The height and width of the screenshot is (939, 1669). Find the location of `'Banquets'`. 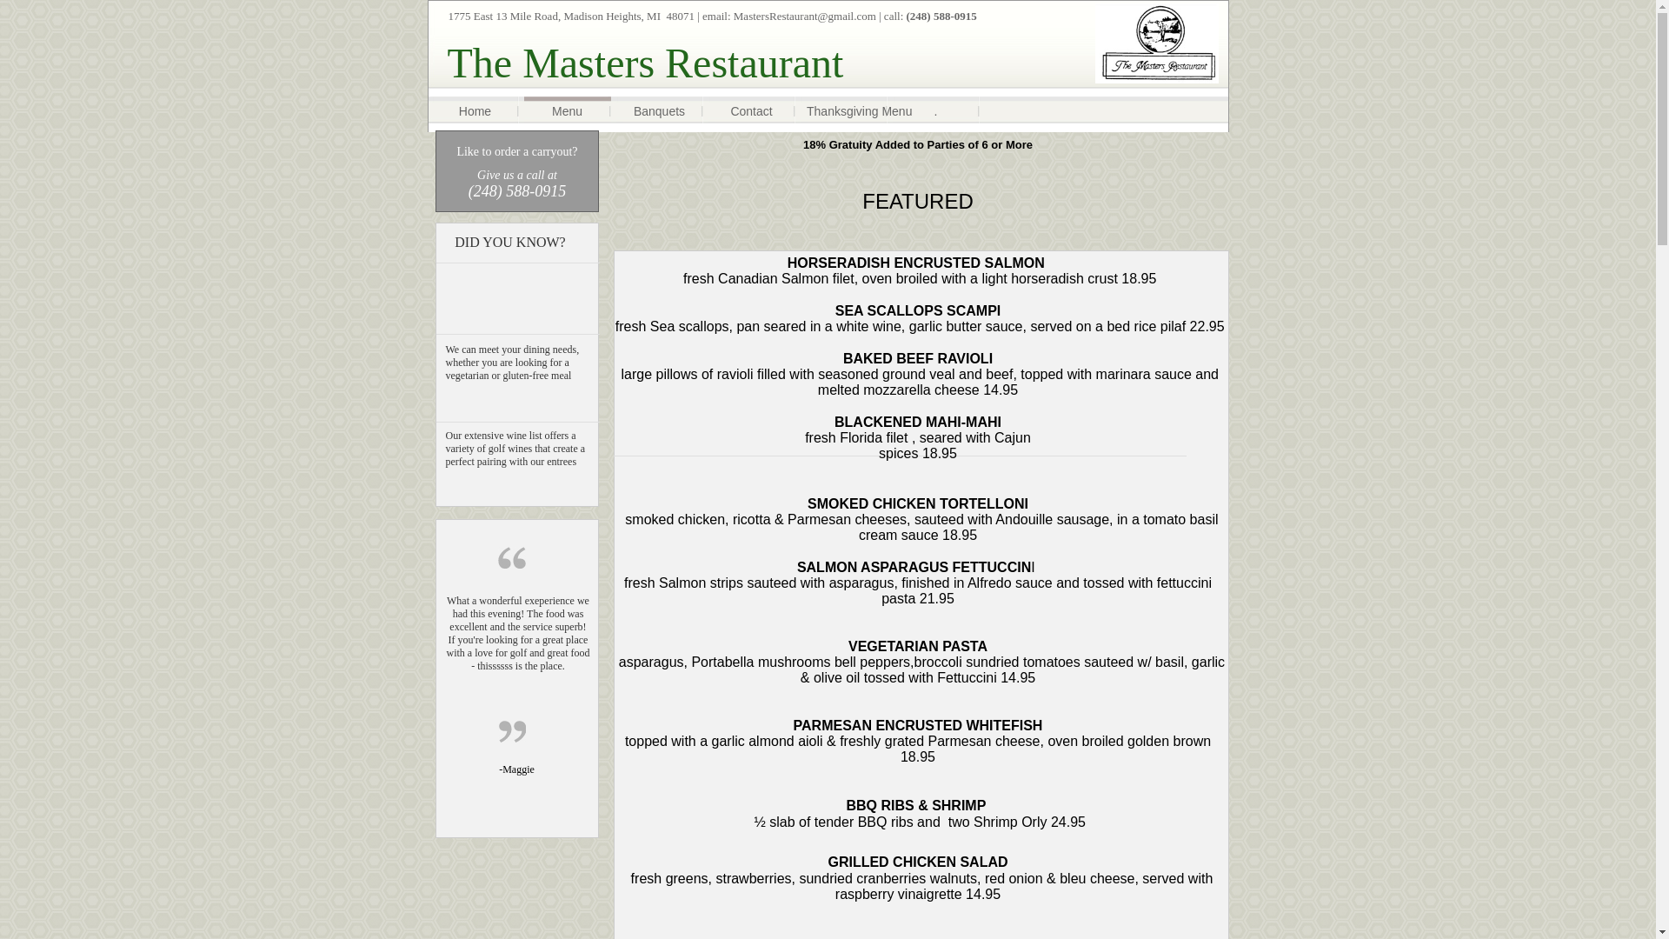

'Banquets' is located at coordinates (658, 111).